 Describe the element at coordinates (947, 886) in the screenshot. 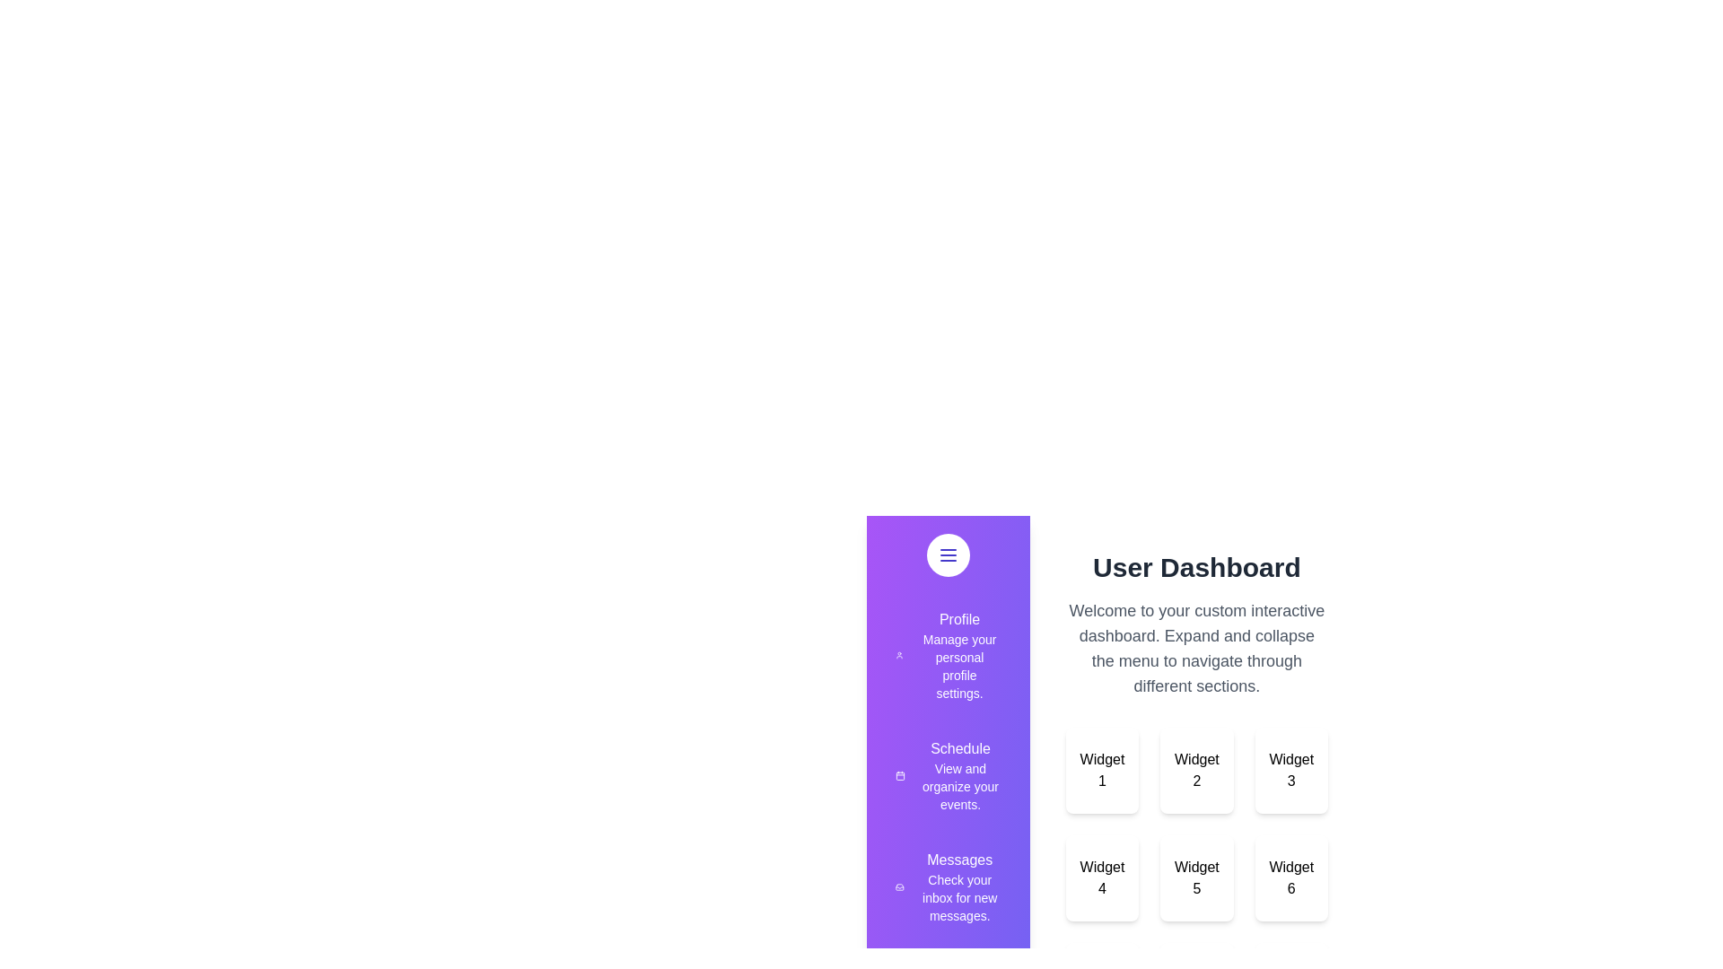

I see `the section corresponding to Messages in the drawer` at that location.